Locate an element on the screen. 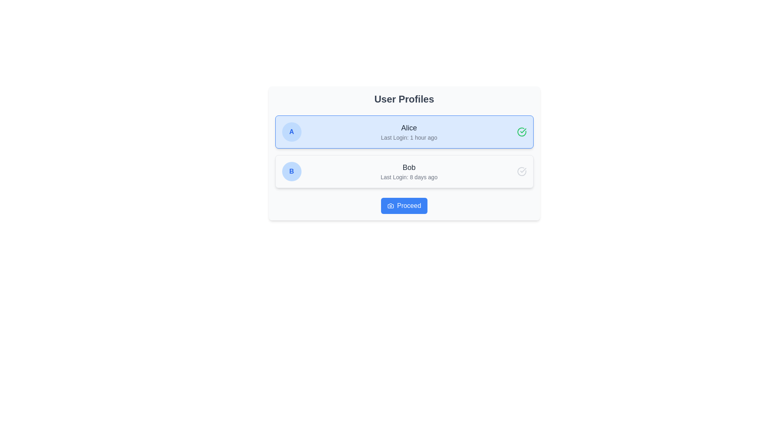  the circular blue icon with a white 'B' that represents the user entry for 'Bob', located to the left of the text 'Bob' and 'Last Login: 8 days ago' is located at coordinates (291, 171).